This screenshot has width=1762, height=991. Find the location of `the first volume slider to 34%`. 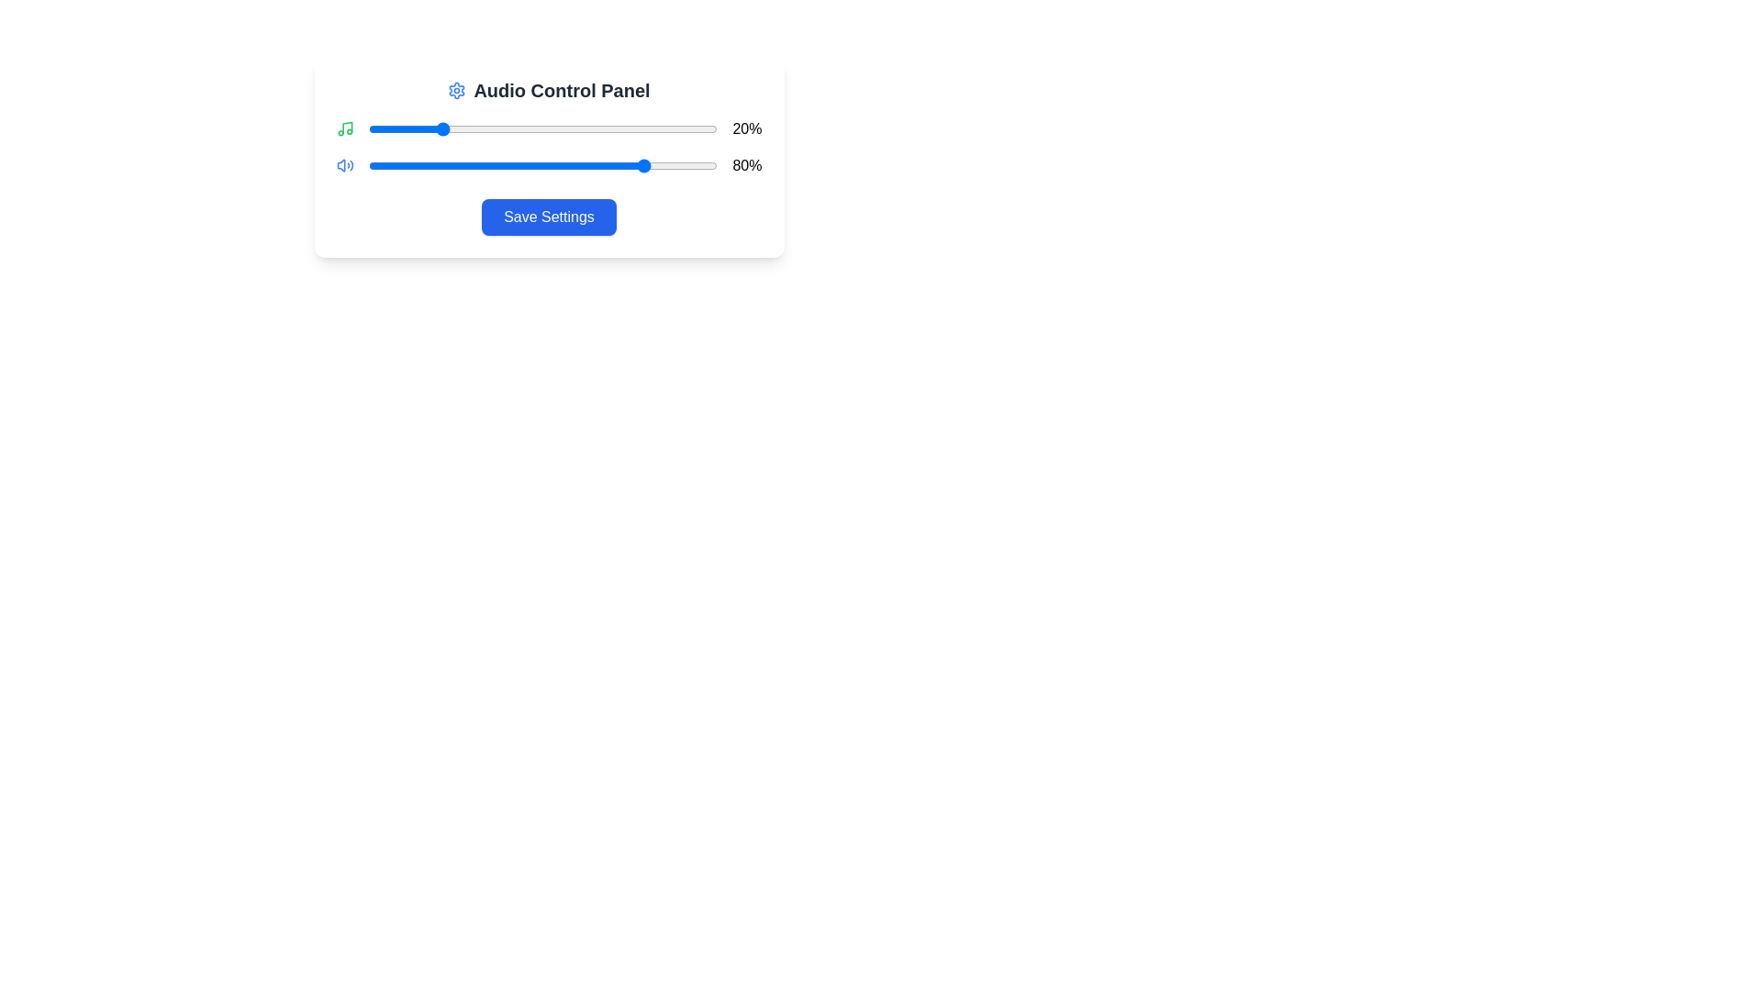

the first volume slider to 34% is located at coordinates (487, 128).